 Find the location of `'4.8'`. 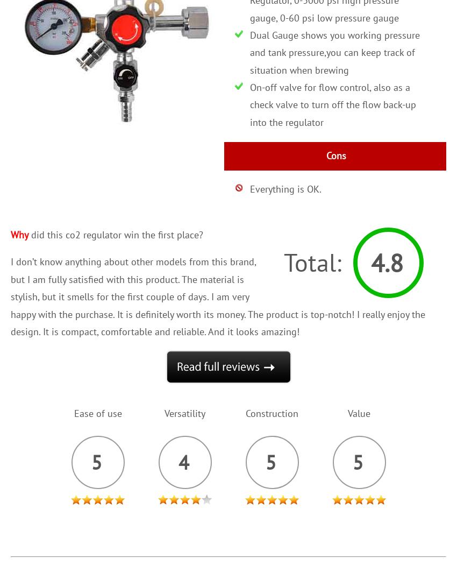

'4.8' is located at coordinates (387, 261).